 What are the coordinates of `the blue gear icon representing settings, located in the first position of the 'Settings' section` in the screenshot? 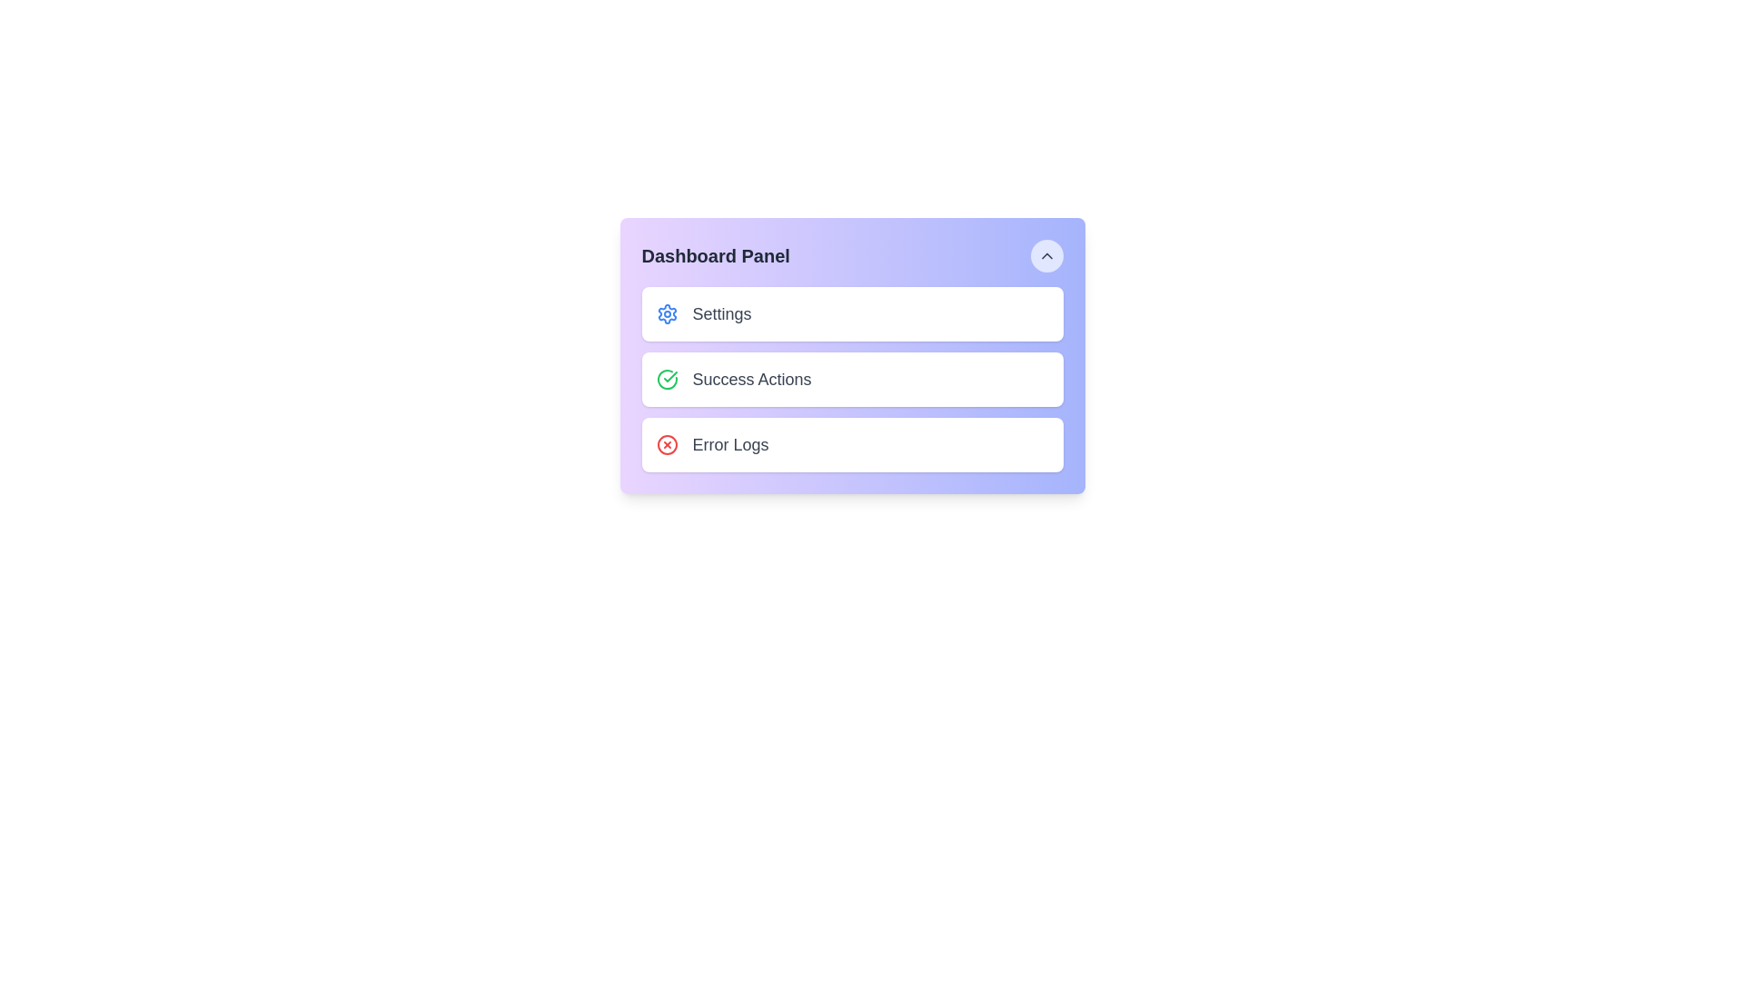 It's located at (666, 313).